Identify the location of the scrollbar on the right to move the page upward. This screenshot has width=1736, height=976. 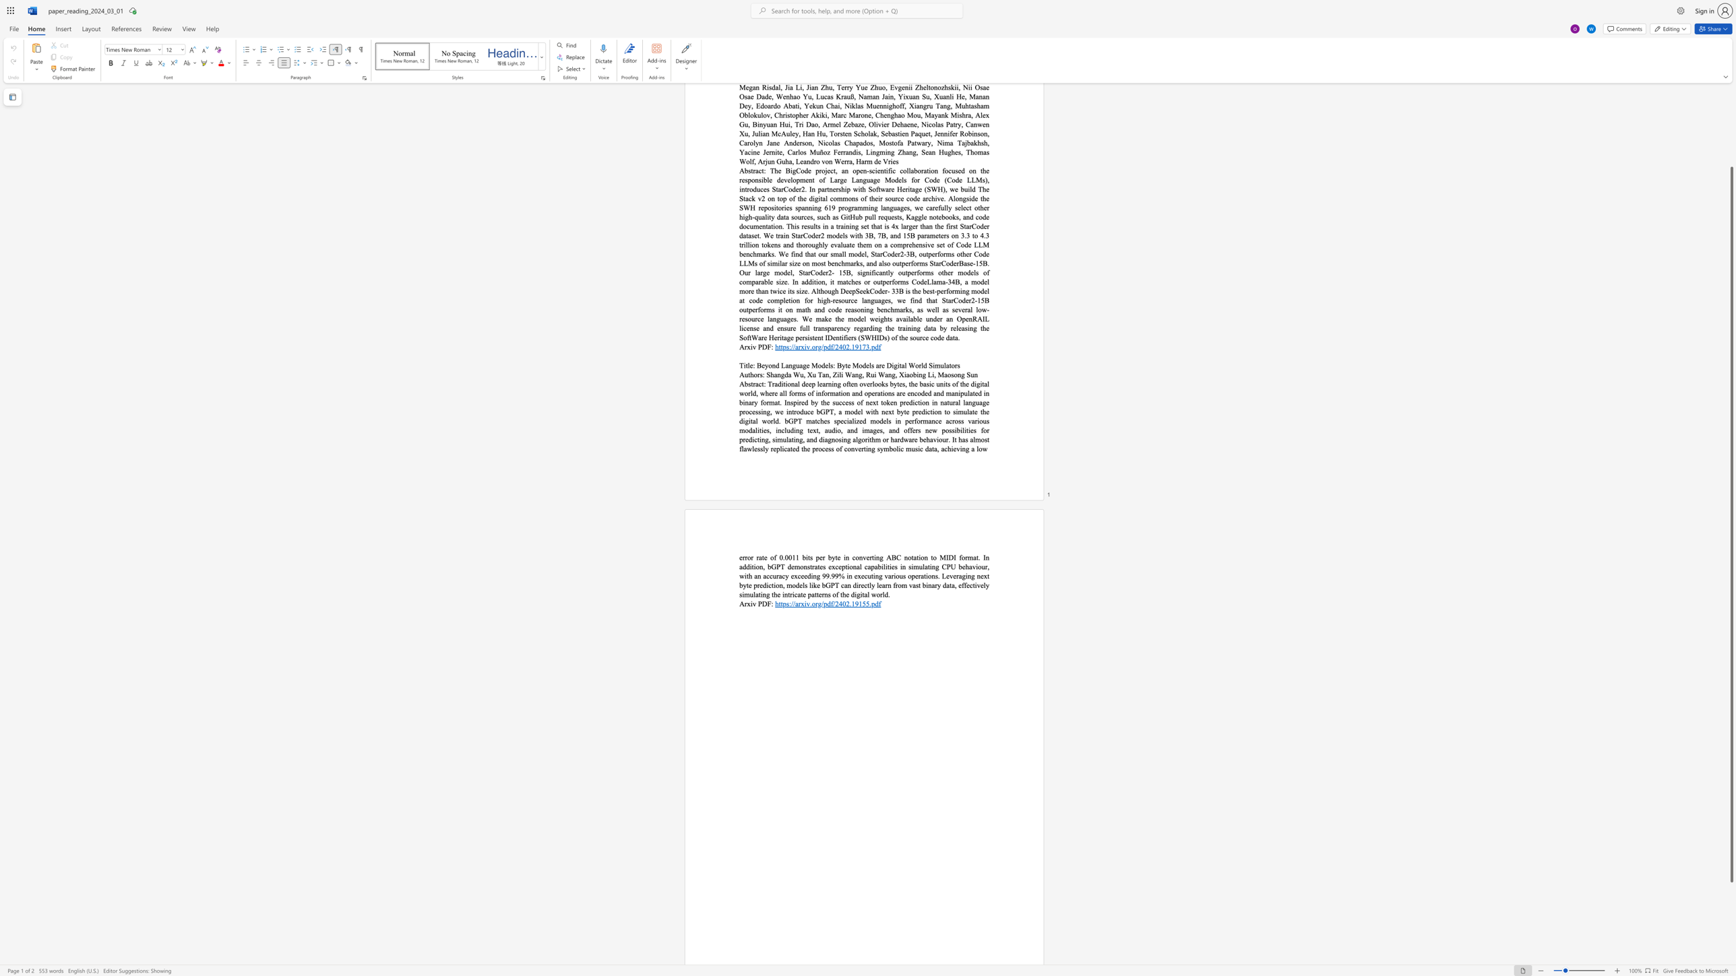
(1731, 144).